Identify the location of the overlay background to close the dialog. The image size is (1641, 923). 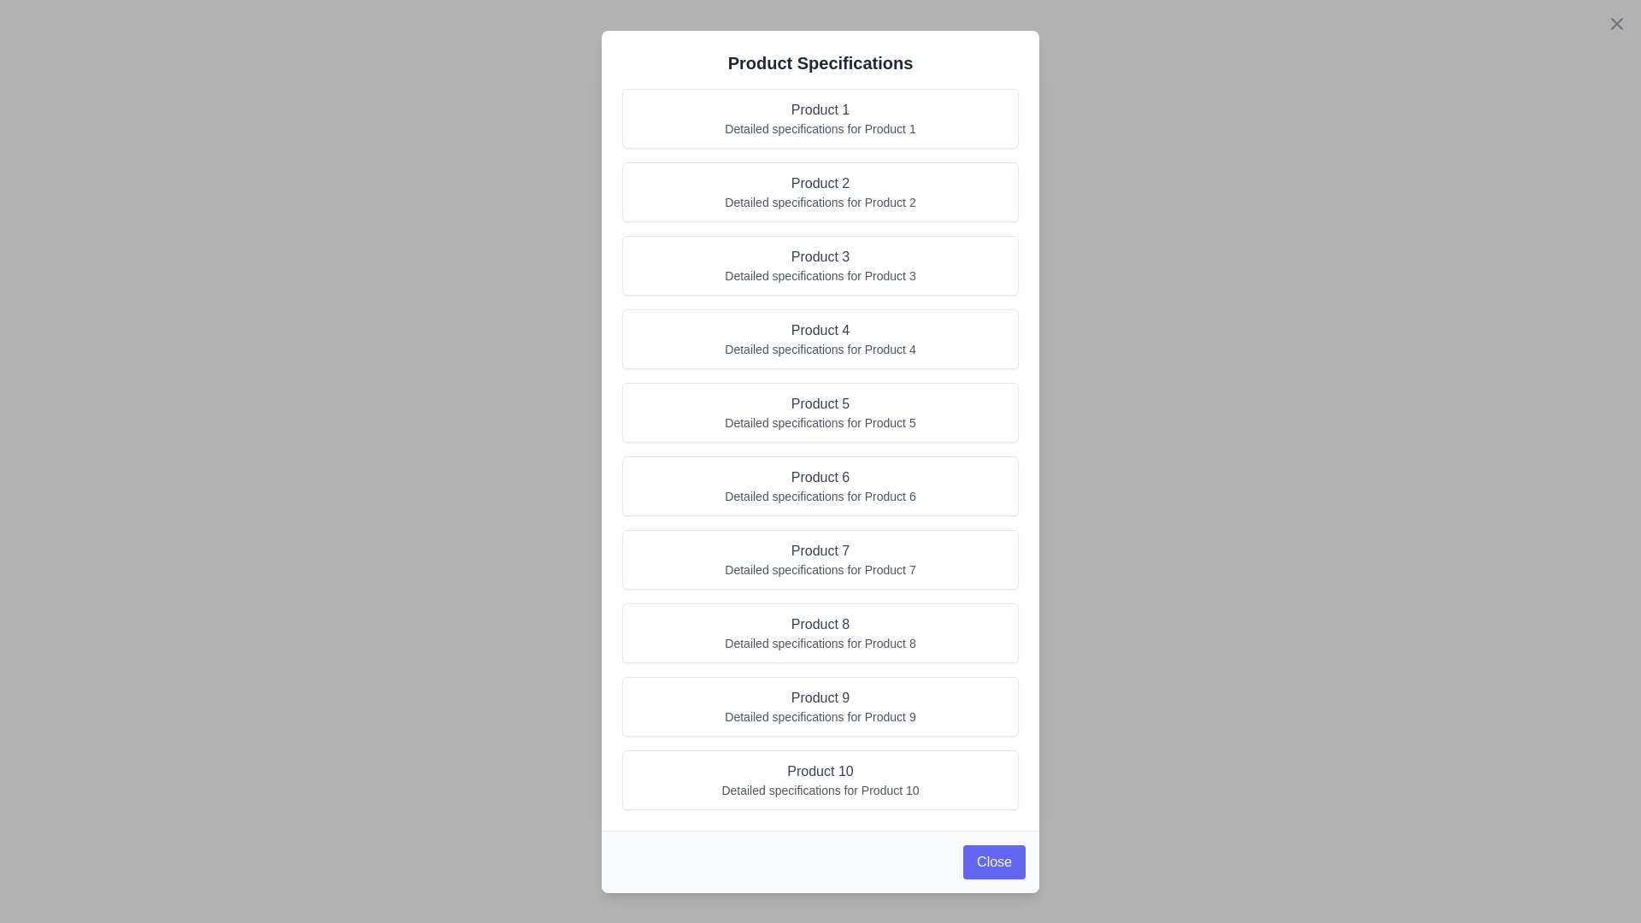
(820, 461).